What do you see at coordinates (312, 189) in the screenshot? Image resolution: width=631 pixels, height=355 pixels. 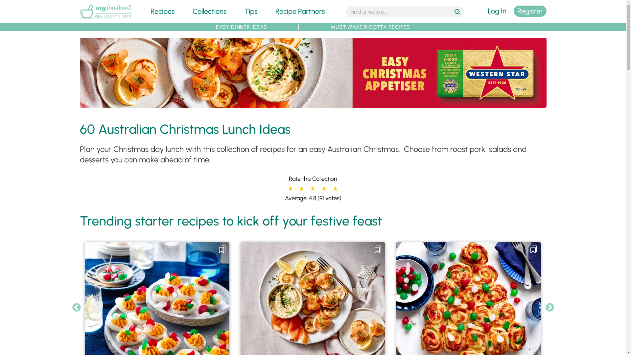 I see `'Give it 3/5'` at bounding box center [312, 189].